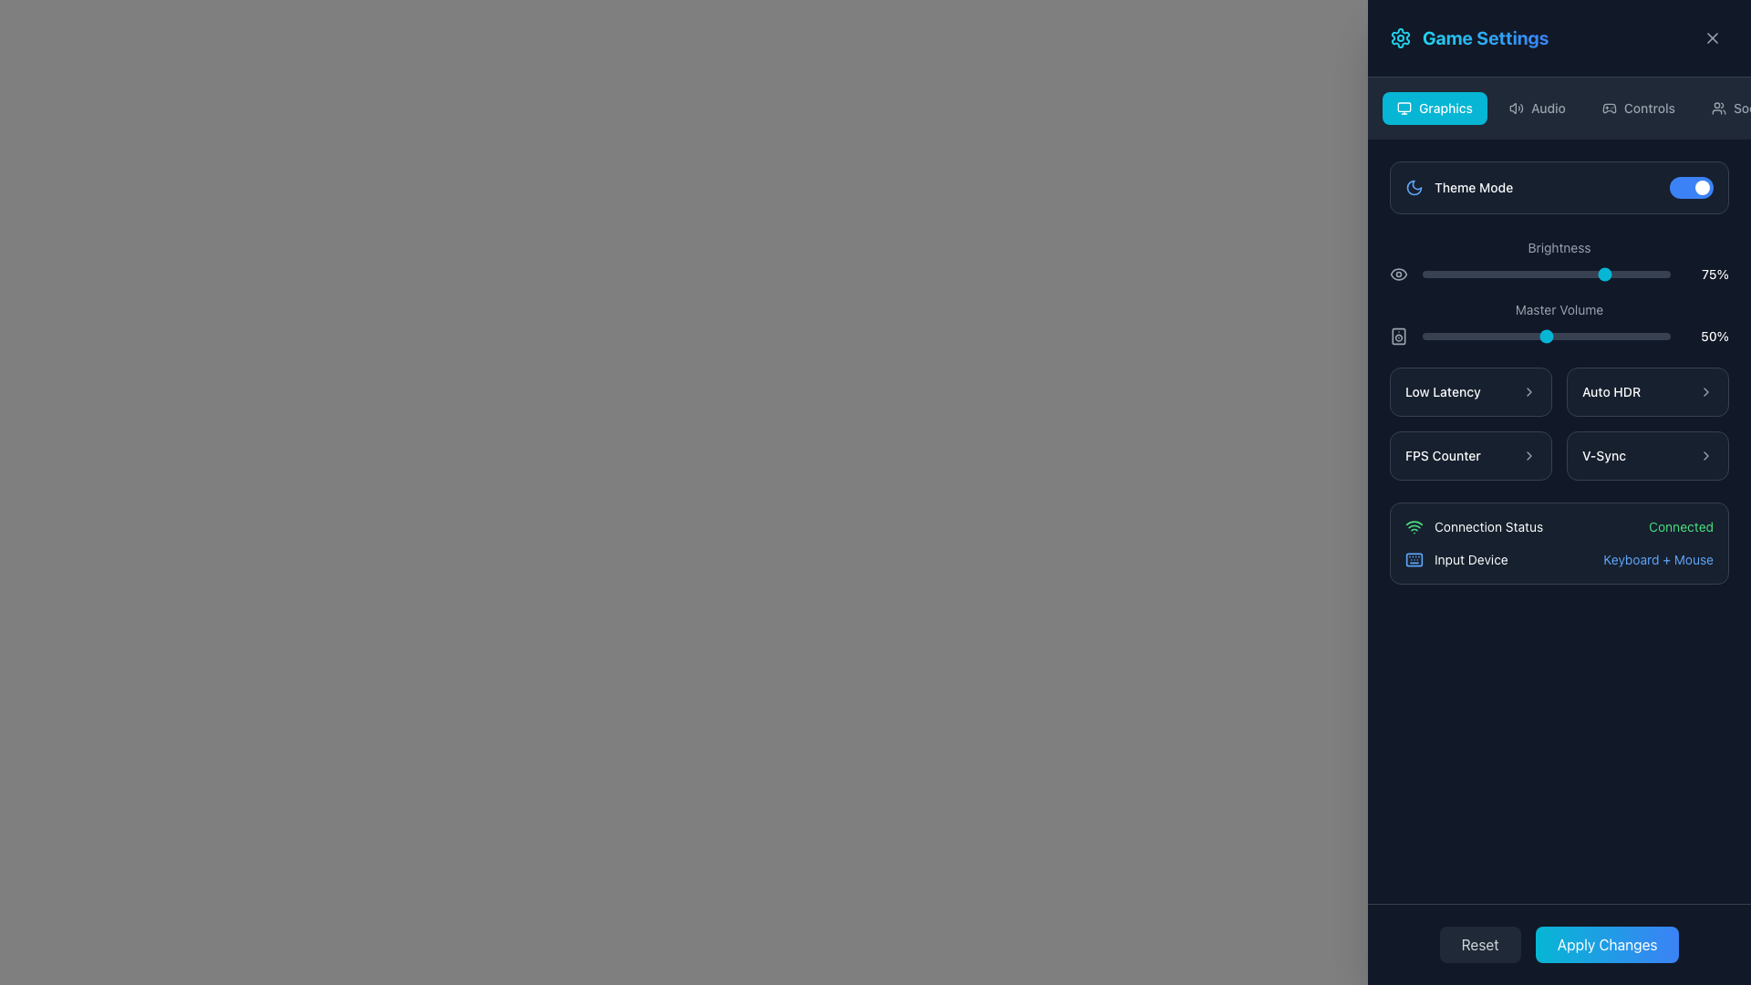 The image size is (1751, 985). Describe the element at coordinates (1705, 390) in the screenshot. I see `the state of the 'Auto HDR' indicator icon located on the right side of the 'Auto HDR' text within the button group on the 'Graphics' settings panel` at that location.